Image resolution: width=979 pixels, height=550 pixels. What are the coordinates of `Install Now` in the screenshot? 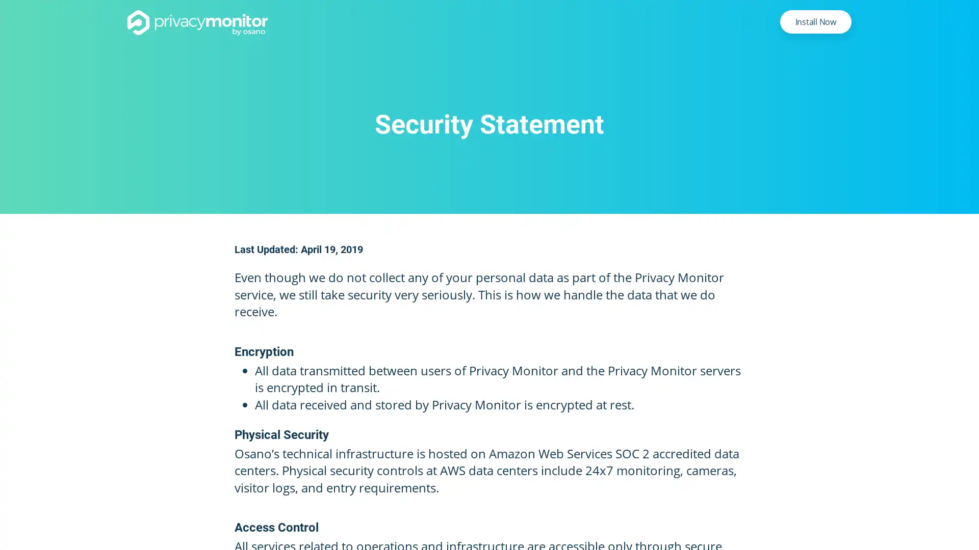 It's located at (815, 21).